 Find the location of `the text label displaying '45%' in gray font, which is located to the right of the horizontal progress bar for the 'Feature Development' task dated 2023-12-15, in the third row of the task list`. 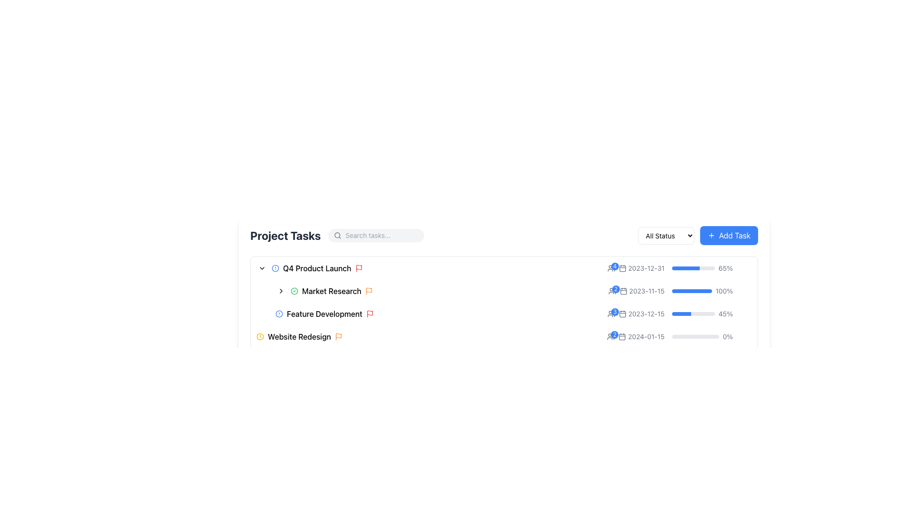

the text label displaying '45%' in gray font, which is located to the right of the horizontal progress bar for the 'Feature Development' task dated 2023-12-15, in the third row of the task list is located at coordinates (725, 313).